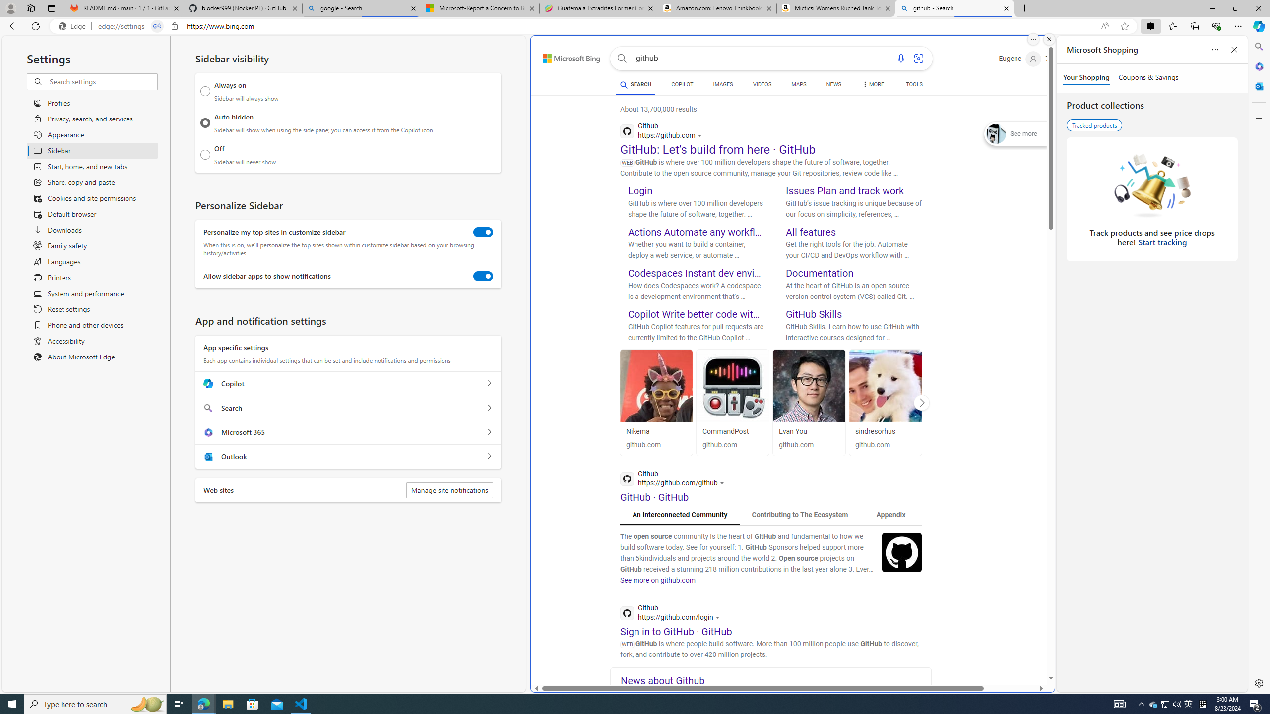  What do you see at coordinates (732, 385) in the screenshot?
I see `'CommandPost'` at bounding box center [732, 385].